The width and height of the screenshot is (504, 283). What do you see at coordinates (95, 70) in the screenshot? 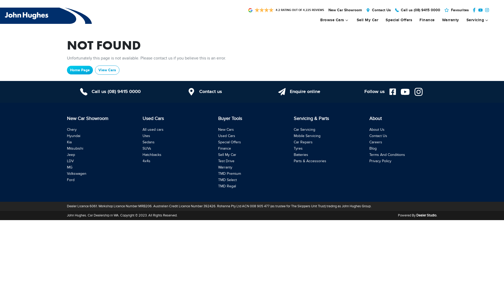
I see `'View Cars'` at bounding box center [95, 70].